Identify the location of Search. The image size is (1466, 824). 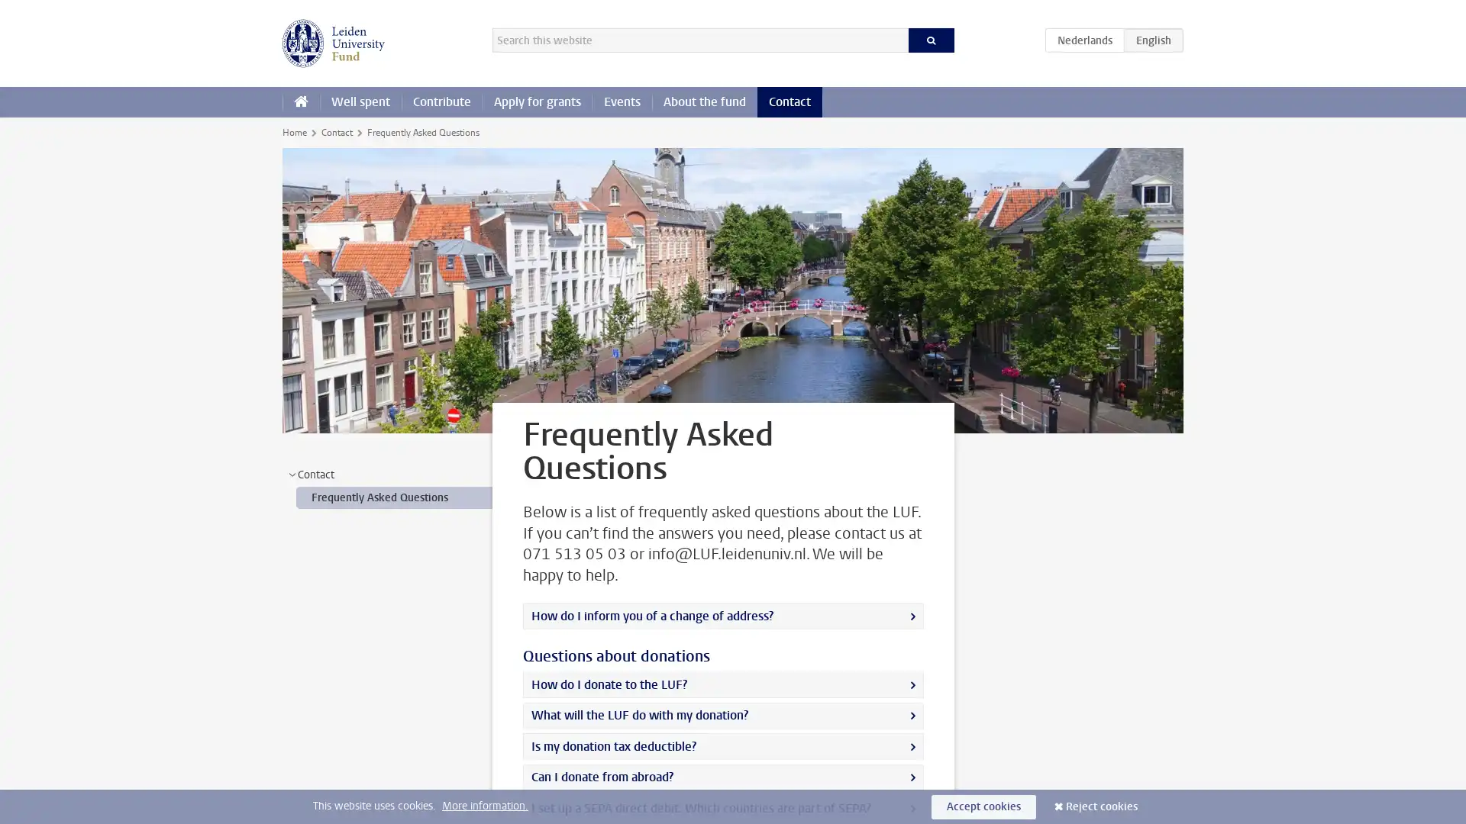
(930, 40).